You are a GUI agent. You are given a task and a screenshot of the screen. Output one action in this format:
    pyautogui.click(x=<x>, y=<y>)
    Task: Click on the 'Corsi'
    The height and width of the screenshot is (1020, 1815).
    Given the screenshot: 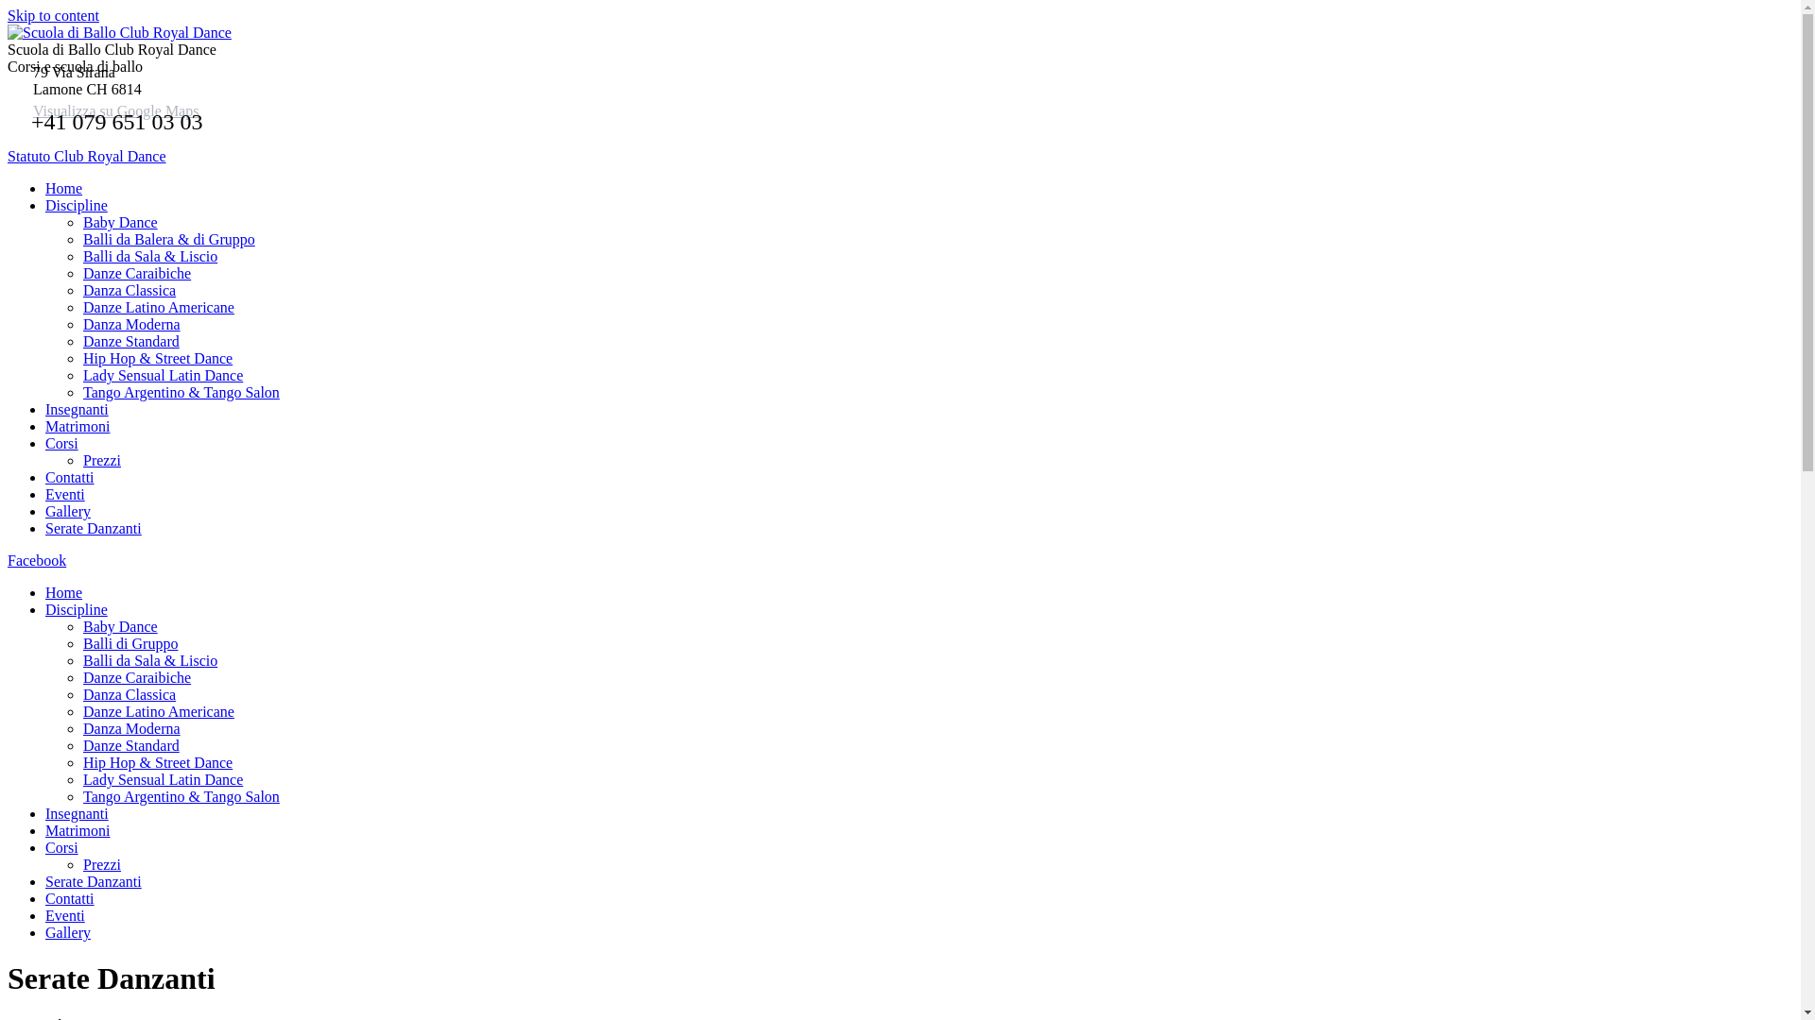 What is the action you would take?
    pyautogui.click(x=61, y=846)
    